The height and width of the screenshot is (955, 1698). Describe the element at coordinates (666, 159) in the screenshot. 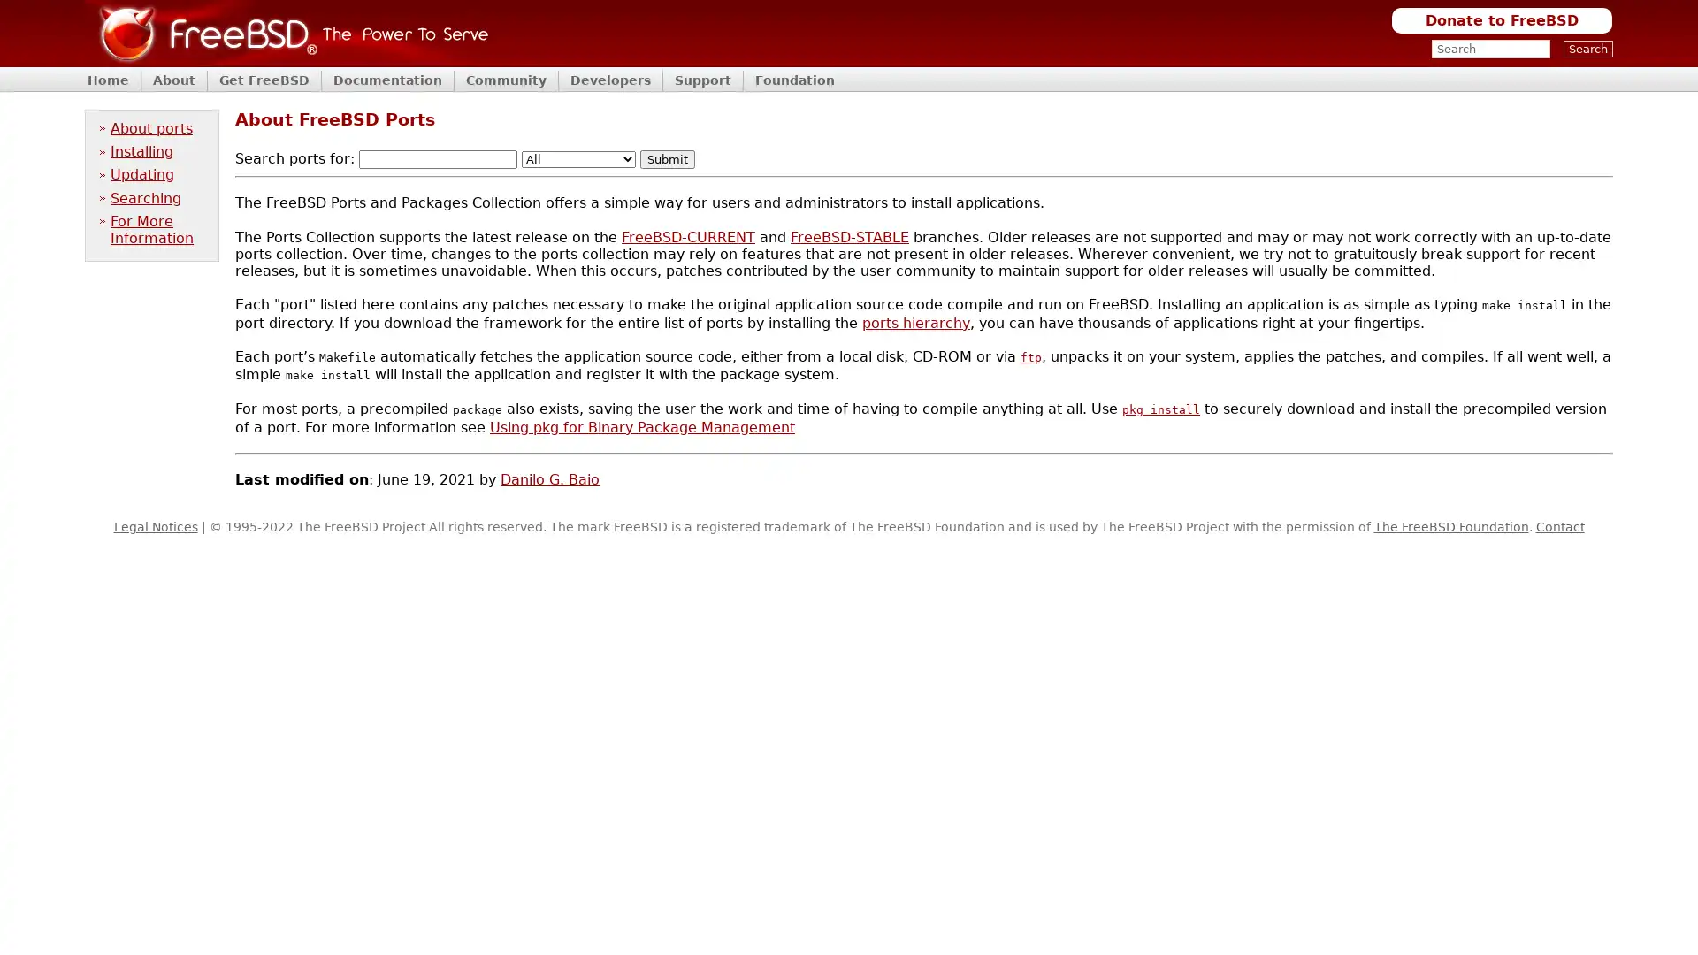

I see `Submit` at that location.